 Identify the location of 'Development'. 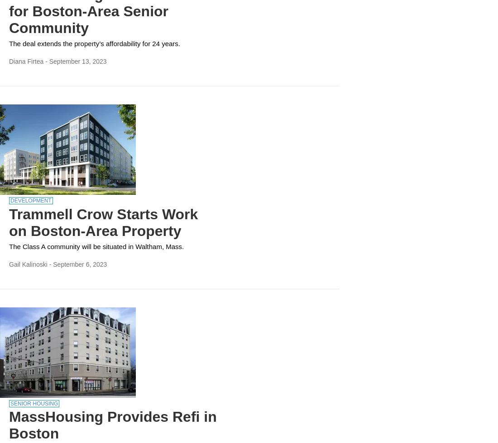
(30, 200).